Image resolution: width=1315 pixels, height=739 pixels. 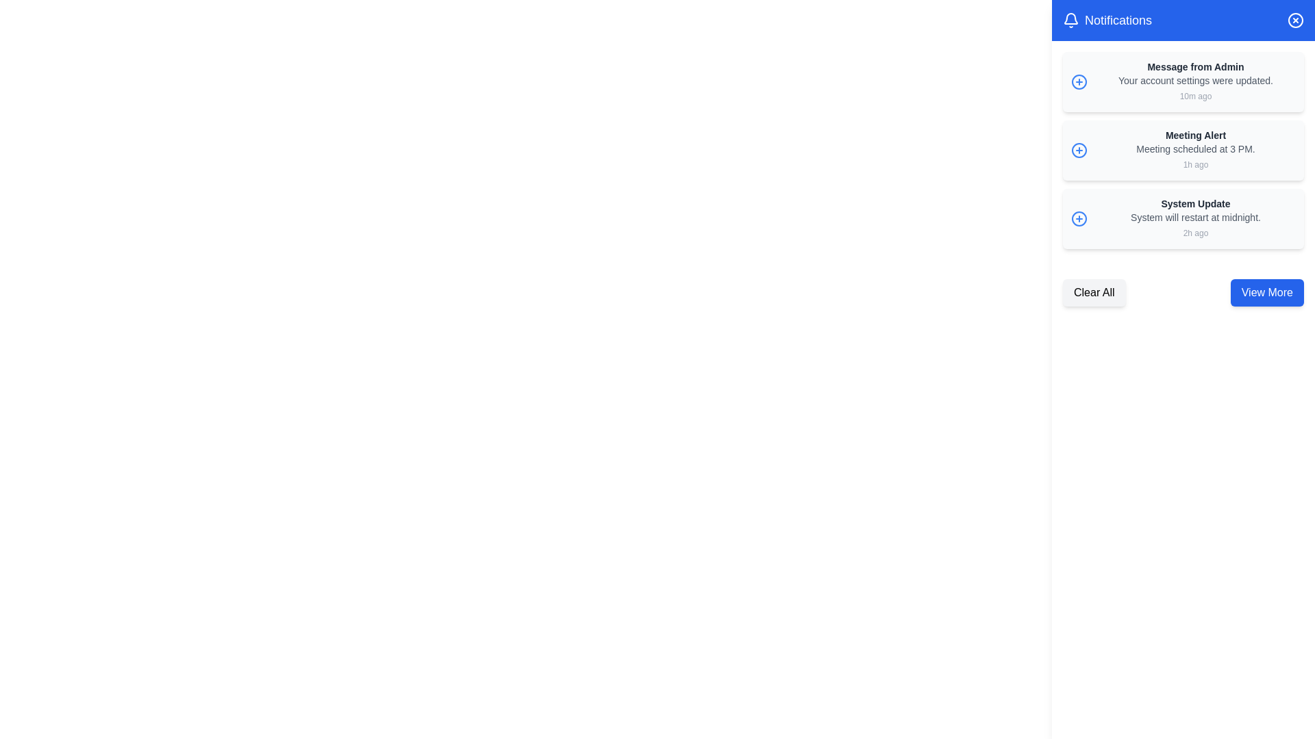 What do you see at coordinates (1195, 150) in the screenshot?
I see `the notification text block displaying 'Meeting Alert' and 'Meeting scheduled at 3 PM.'` at bounding box center [1195, 150].